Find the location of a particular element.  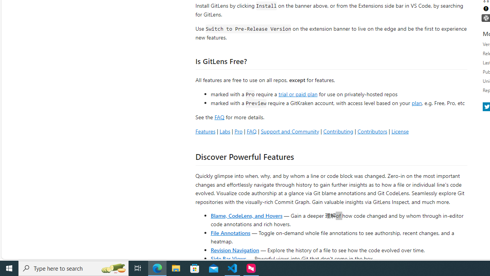

'plan' is located at coordinates (416, 103).